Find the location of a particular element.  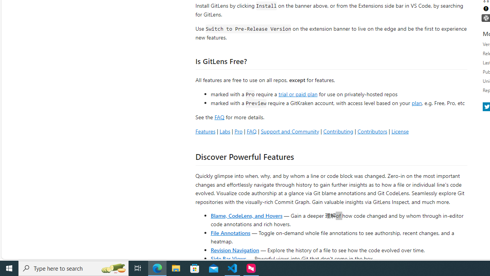

'plan' is located at coordinates (416, 103).